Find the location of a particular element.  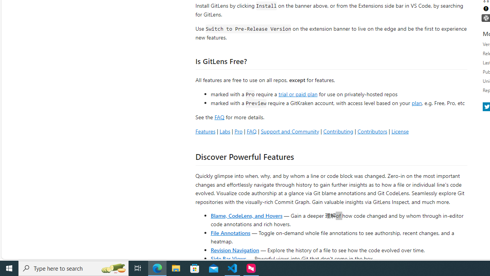

'plan' is located at coordinates (416, 103).